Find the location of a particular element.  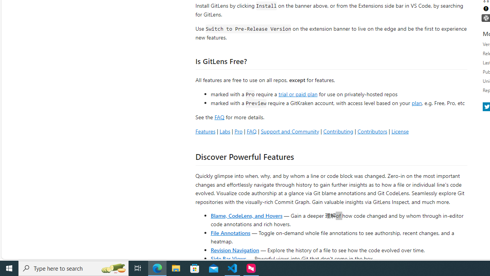

'plan' is located at coordinates (416, 103).